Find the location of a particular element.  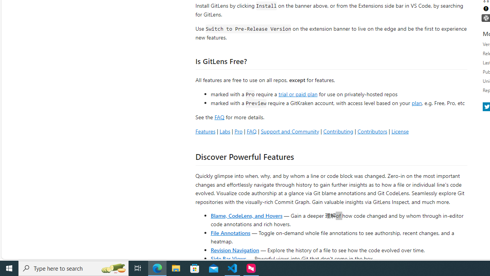

'plan' is located at coordinates (416, 103).